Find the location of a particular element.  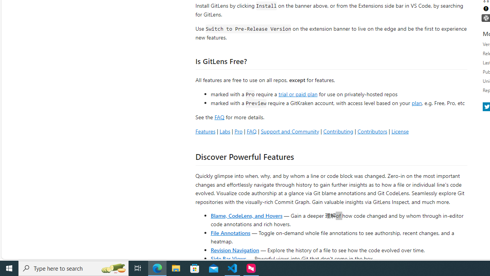

'plan' is located at coordinates (416, 103).